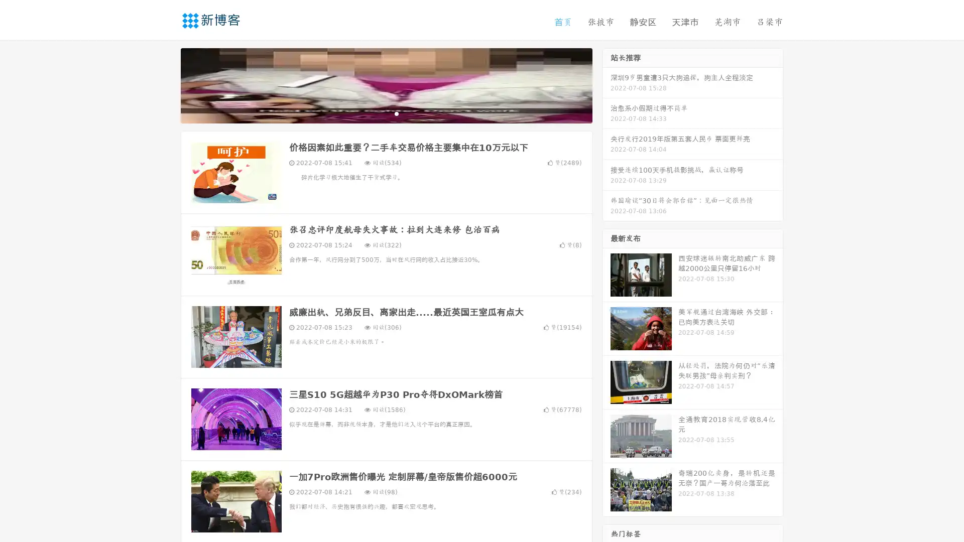 This screenshot has height=542, width=964. What do you see at coordinates (166, 84) in the screenshot?
I see `Previous slide` at bounding box center [166, 84].